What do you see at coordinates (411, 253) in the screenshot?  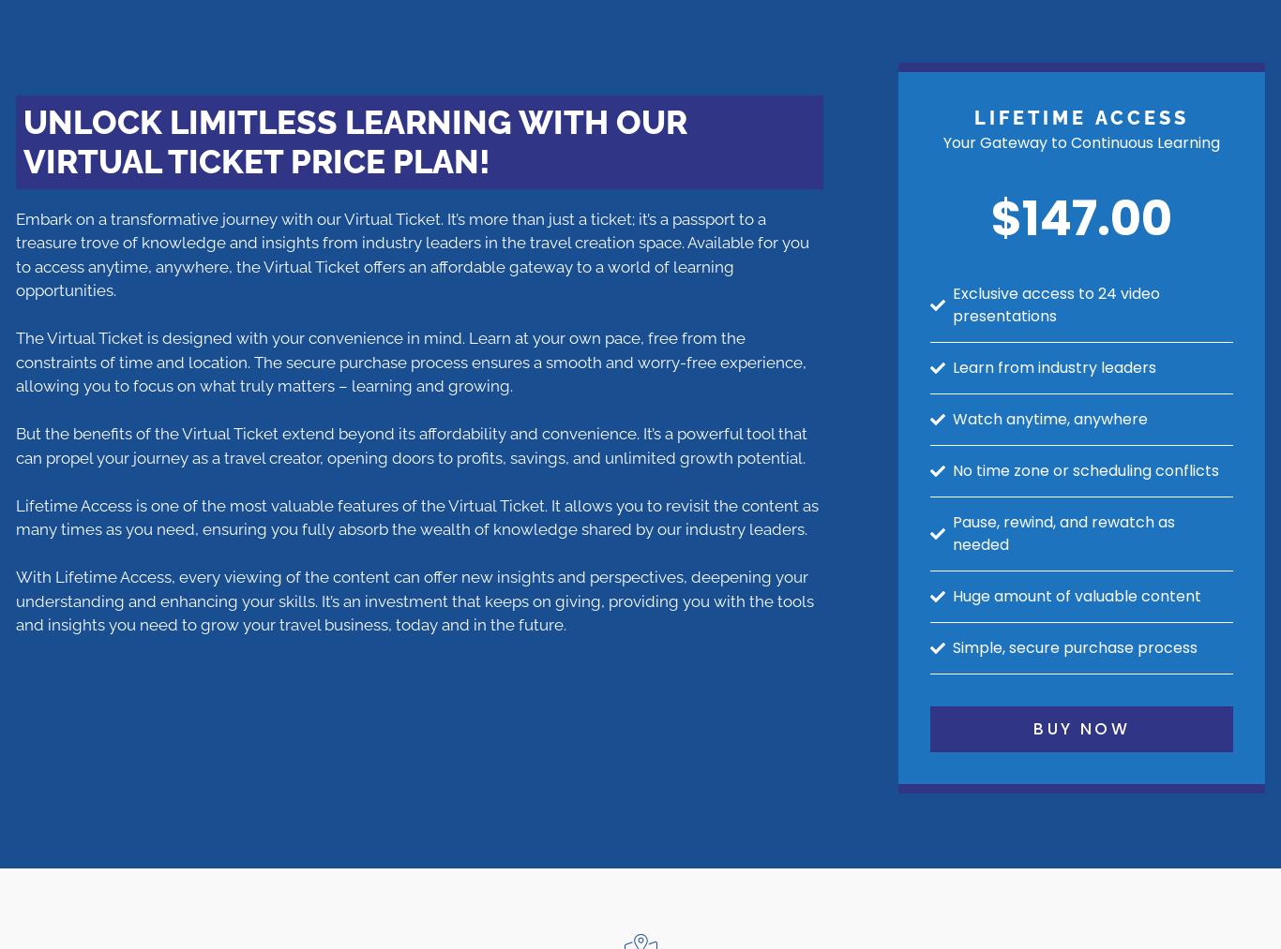 I see `'Embark on a transformative journey with our Virtual Ticket. It’s more than just a ticket; it’s a passport to a treasure trove of knowledge and insights from industry leaders in the travel creation space. Available for you to access anytime, anywhere, the Virtual Ticket offers an affordable gateway to a world of learning opportunities.'` at bounding box center [411, 253].